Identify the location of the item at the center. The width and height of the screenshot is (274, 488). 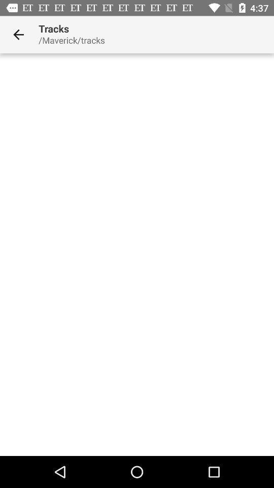
(137, 254).